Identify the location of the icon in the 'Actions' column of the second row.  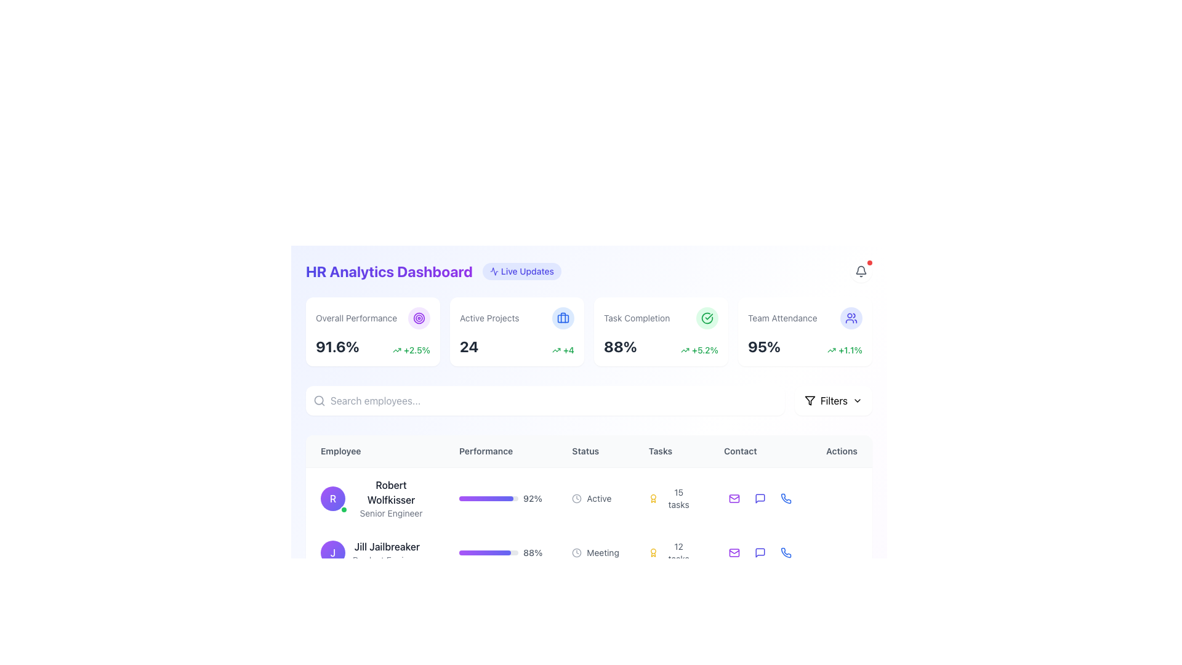
(759, 552).